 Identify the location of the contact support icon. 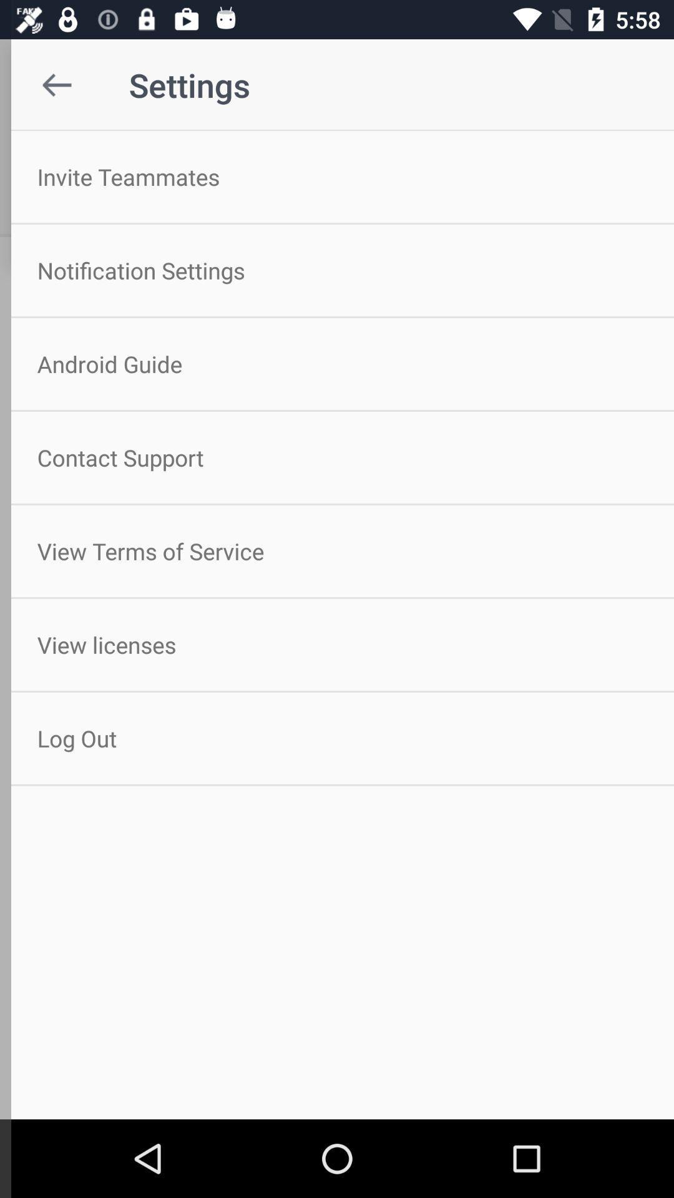
(337, 457).